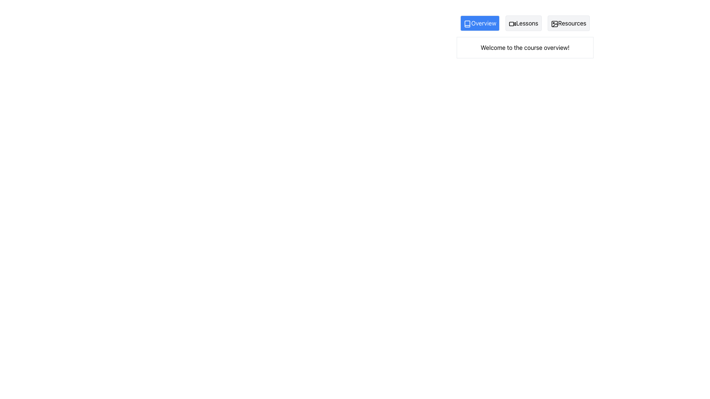  What do you see at coordinates (467, 23) in the screenshot?
I see `the blue book icon located within the 'Overview' button in the navigation section` at bounding box center [467, 23].